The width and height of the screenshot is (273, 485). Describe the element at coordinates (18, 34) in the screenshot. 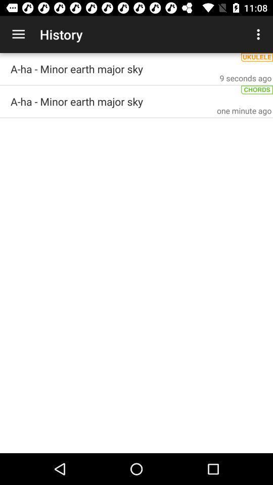

I see `the item to the left of the history app` at that location.